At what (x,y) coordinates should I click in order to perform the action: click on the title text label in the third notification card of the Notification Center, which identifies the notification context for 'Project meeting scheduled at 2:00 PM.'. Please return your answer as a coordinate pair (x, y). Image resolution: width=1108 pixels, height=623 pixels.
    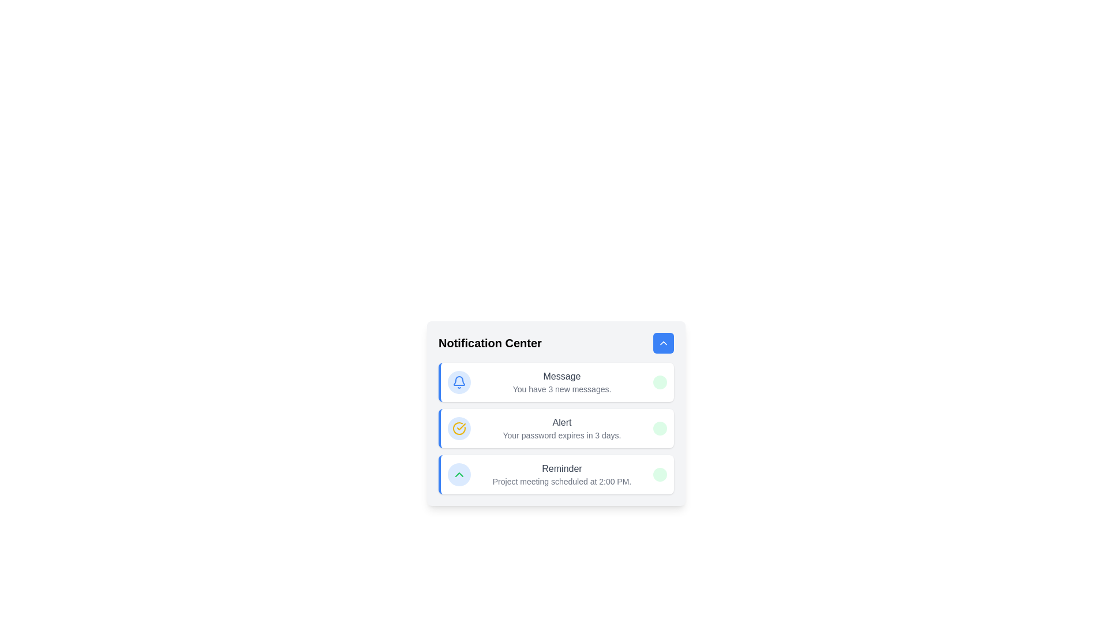
    Looking at the image, I should click on (562, 469).